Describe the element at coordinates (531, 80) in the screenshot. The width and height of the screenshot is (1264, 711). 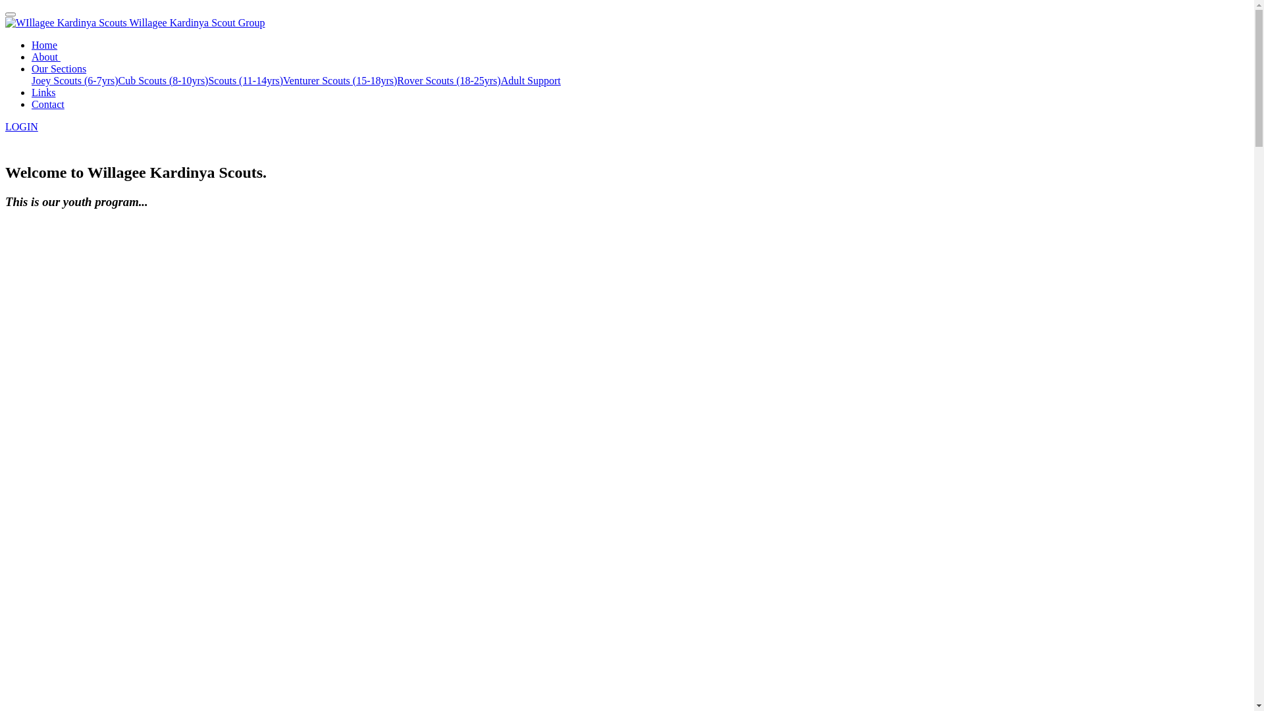
I see `'Adult Support'` at that location.